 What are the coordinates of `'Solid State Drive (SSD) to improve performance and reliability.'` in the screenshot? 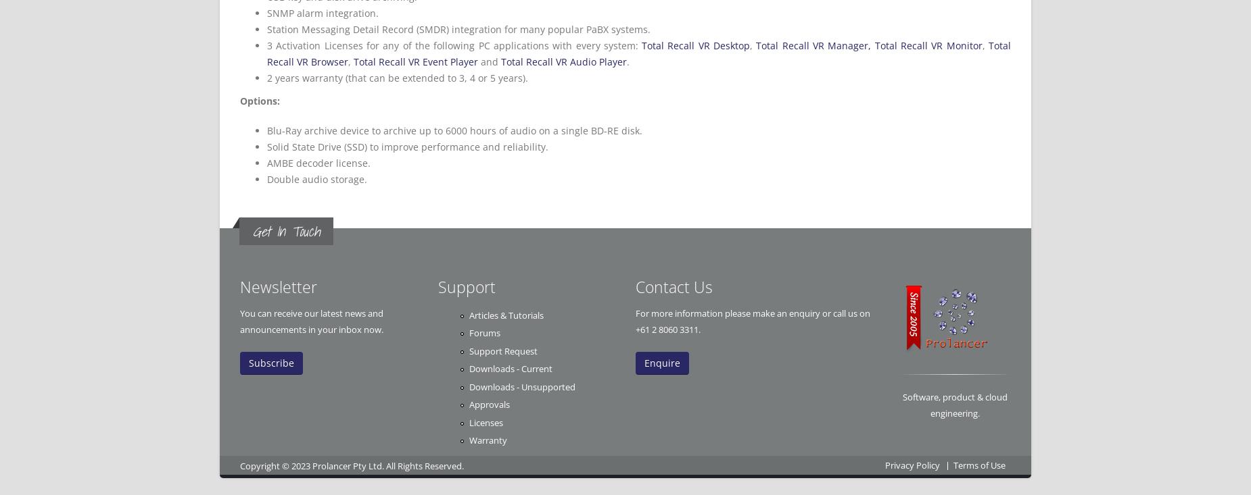 It's located at (407, 146).